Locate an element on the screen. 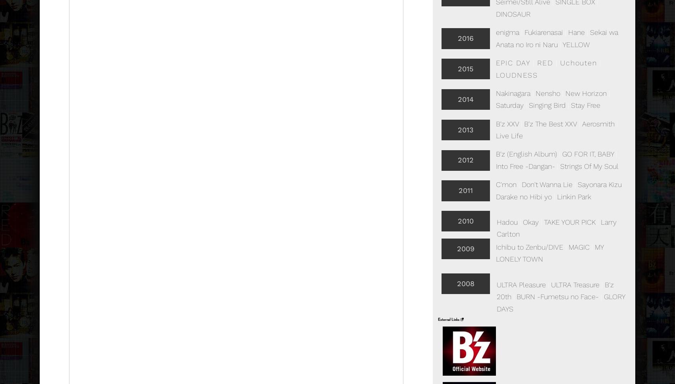 The height and width of the screenshot is (384, 675). 'Strings Of My Soul' is located at coordinates (588, 165).